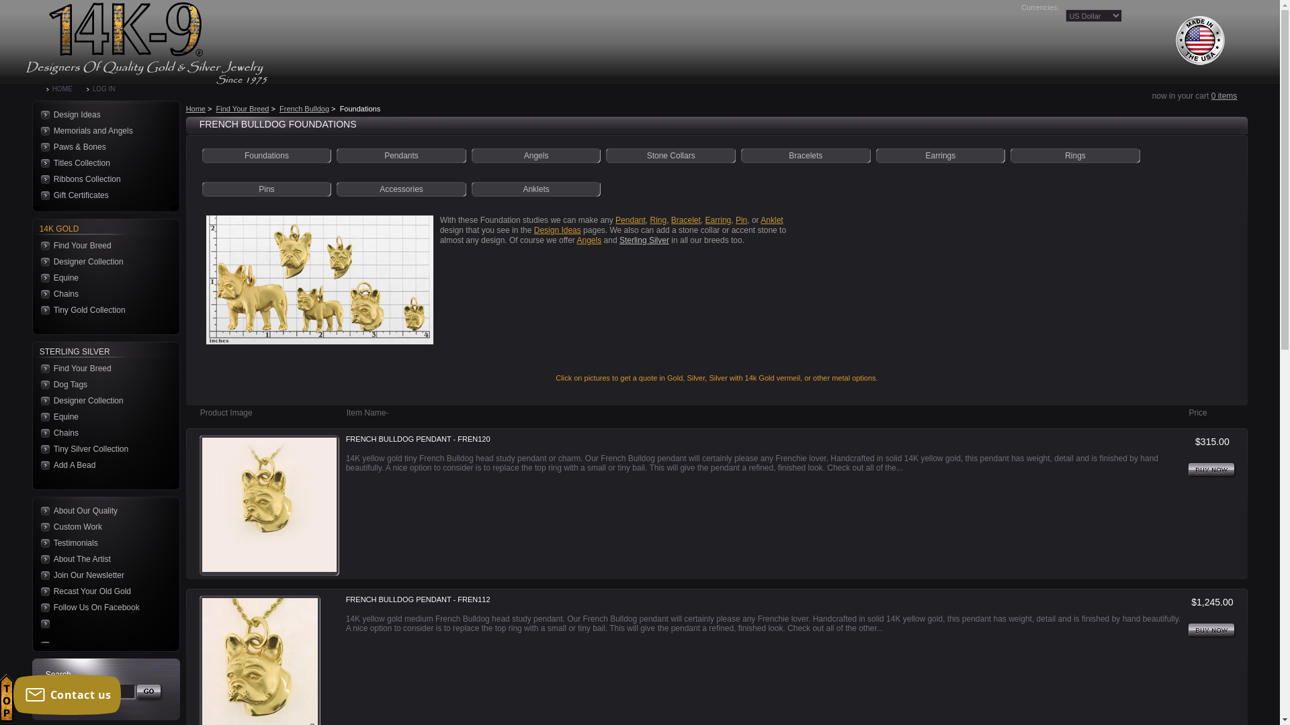 This screenshot has height=725, width=1290. I want to click on 'Bracelet', so click(686, 219).